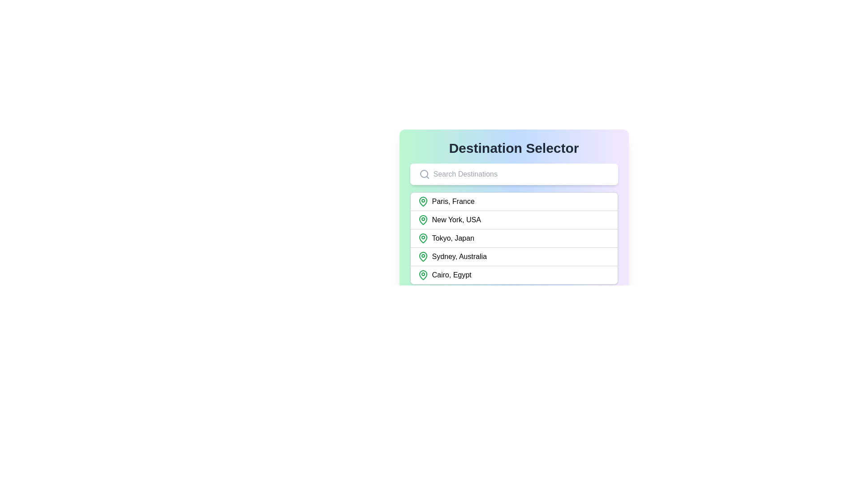 The height and width of the screenshot is (484, 860). I want to click on the green outlined map pin icon representing a location marker, which is located to the left of the text label 'Tokyo, Japan' in the third row of the destination items list, so click(422, 238).